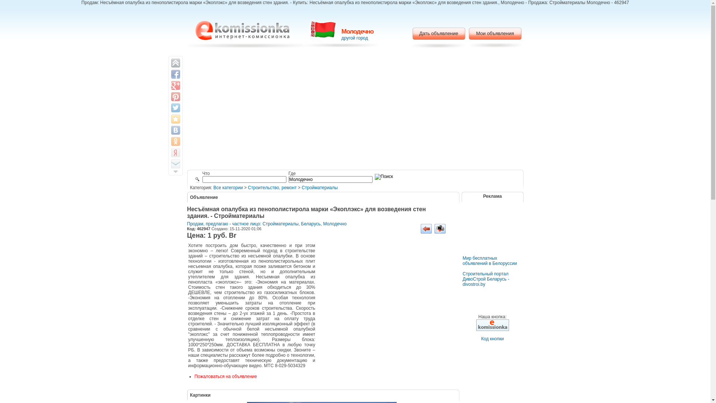 The image size is (716, 403). What do you see at coordinates (175, 85) in the screenshot?
I see `'Share on Google+'` at bounding box center [175, 85].